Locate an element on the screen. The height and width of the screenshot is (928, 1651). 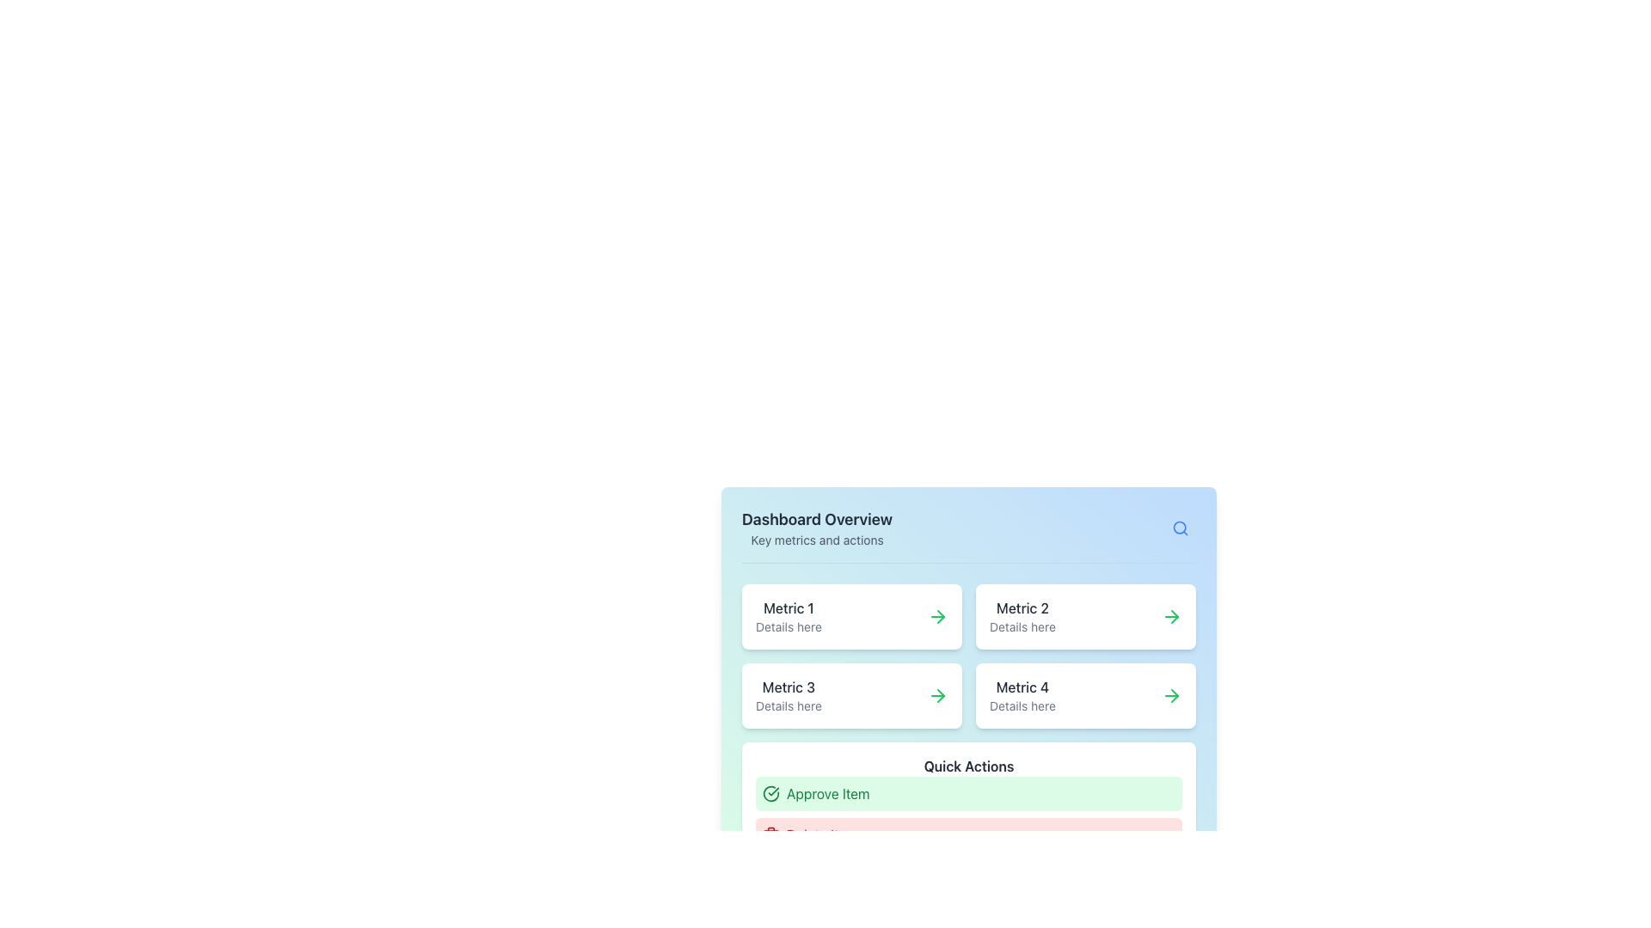
the static text element labeled 'Metric 3' in the bottom-left corner of the 'Dashboard Overview' section is located at coordinates (788, 686).